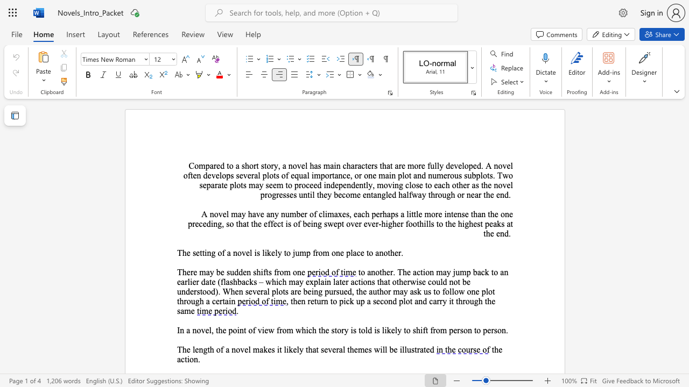 The image size is (689, 387). What do you see at coordinates (439, 166) in the screenshot?
I see `the subset text "y developed. A novel often develops several plots of equ" within the text "Compared to a short story, a novel has main characters that are more fully developed. A novel often develops several plots of equal importance, or one main plot and"` at bounding box center [439, 166].